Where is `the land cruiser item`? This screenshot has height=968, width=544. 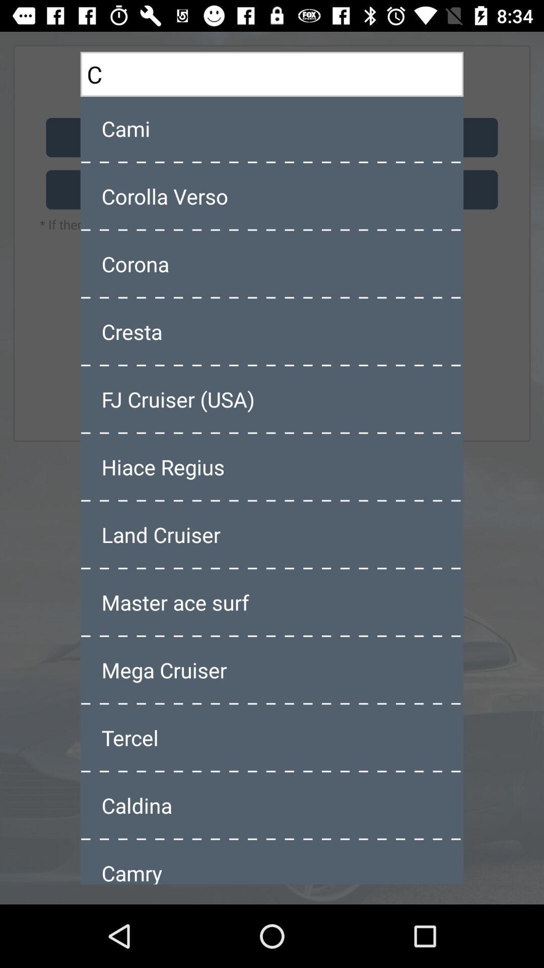 the land cruiser item is located at coordinates (272, 534).